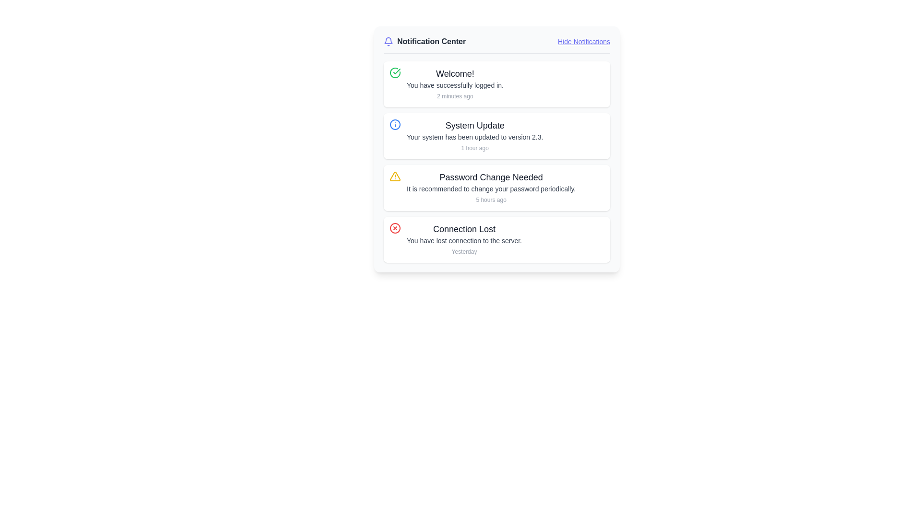 The height and width of the screenshot is (518, 921). What do you see at coordinates (491, 177) in the screenshot?
I see `the headline text of the third notification alerting the user about a required password change, which is centrally located in the notification panel` at bounding box center [491, 177].